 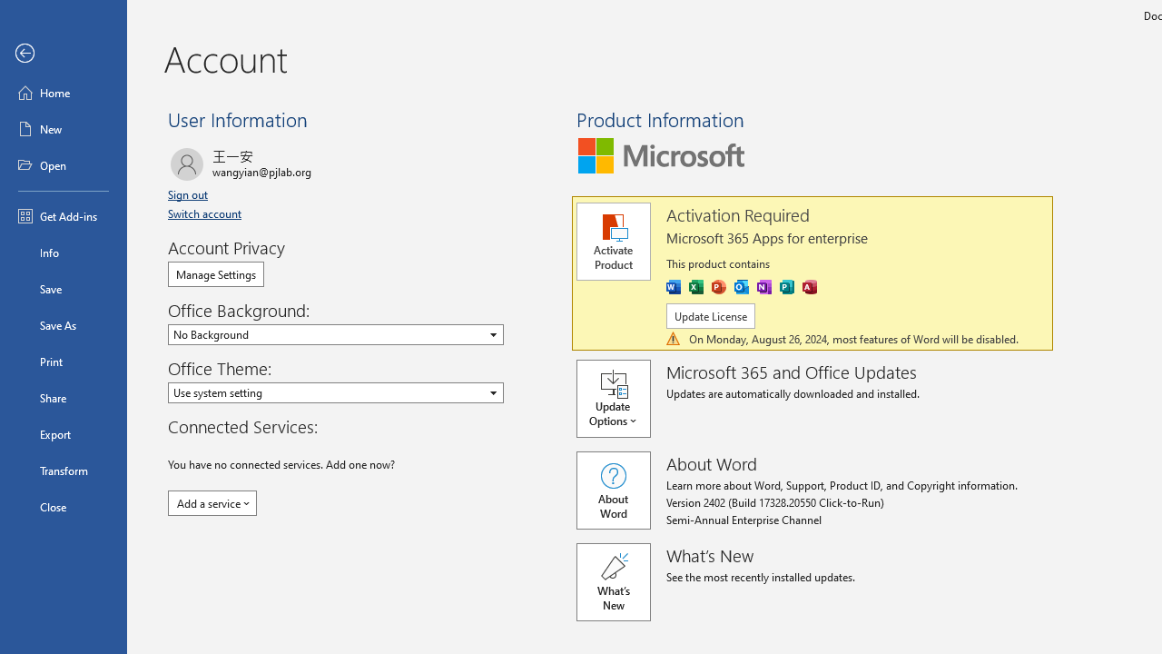 What do you see at coordinates (764, 286) in the screenshot?
I see `'OneNote'` at bounding box center [764, 286].